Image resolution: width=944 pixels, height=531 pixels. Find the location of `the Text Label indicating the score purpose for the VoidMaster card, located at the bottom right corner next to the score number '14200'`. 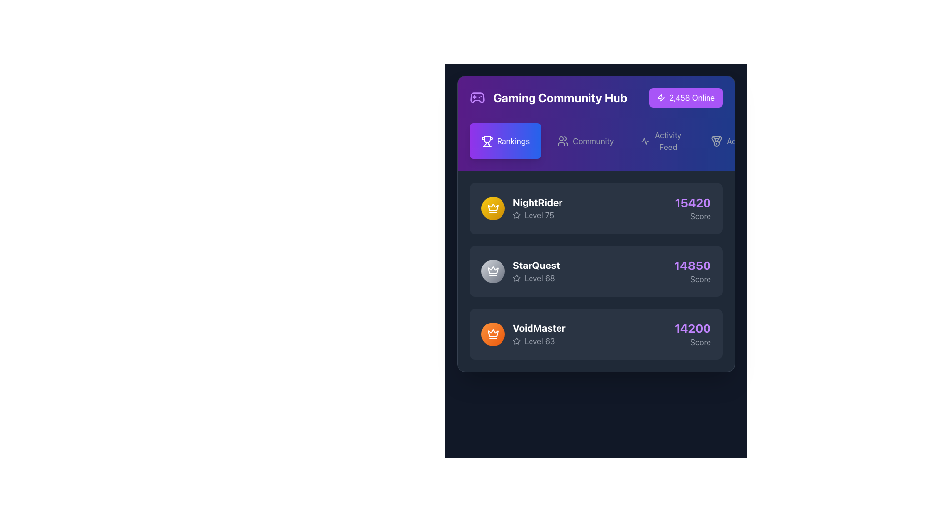

the Text Label indicating the score purpose for the VoidMaster card, located at the bottom right corner next to the score number '14200' is located at coordinates (692, 341).